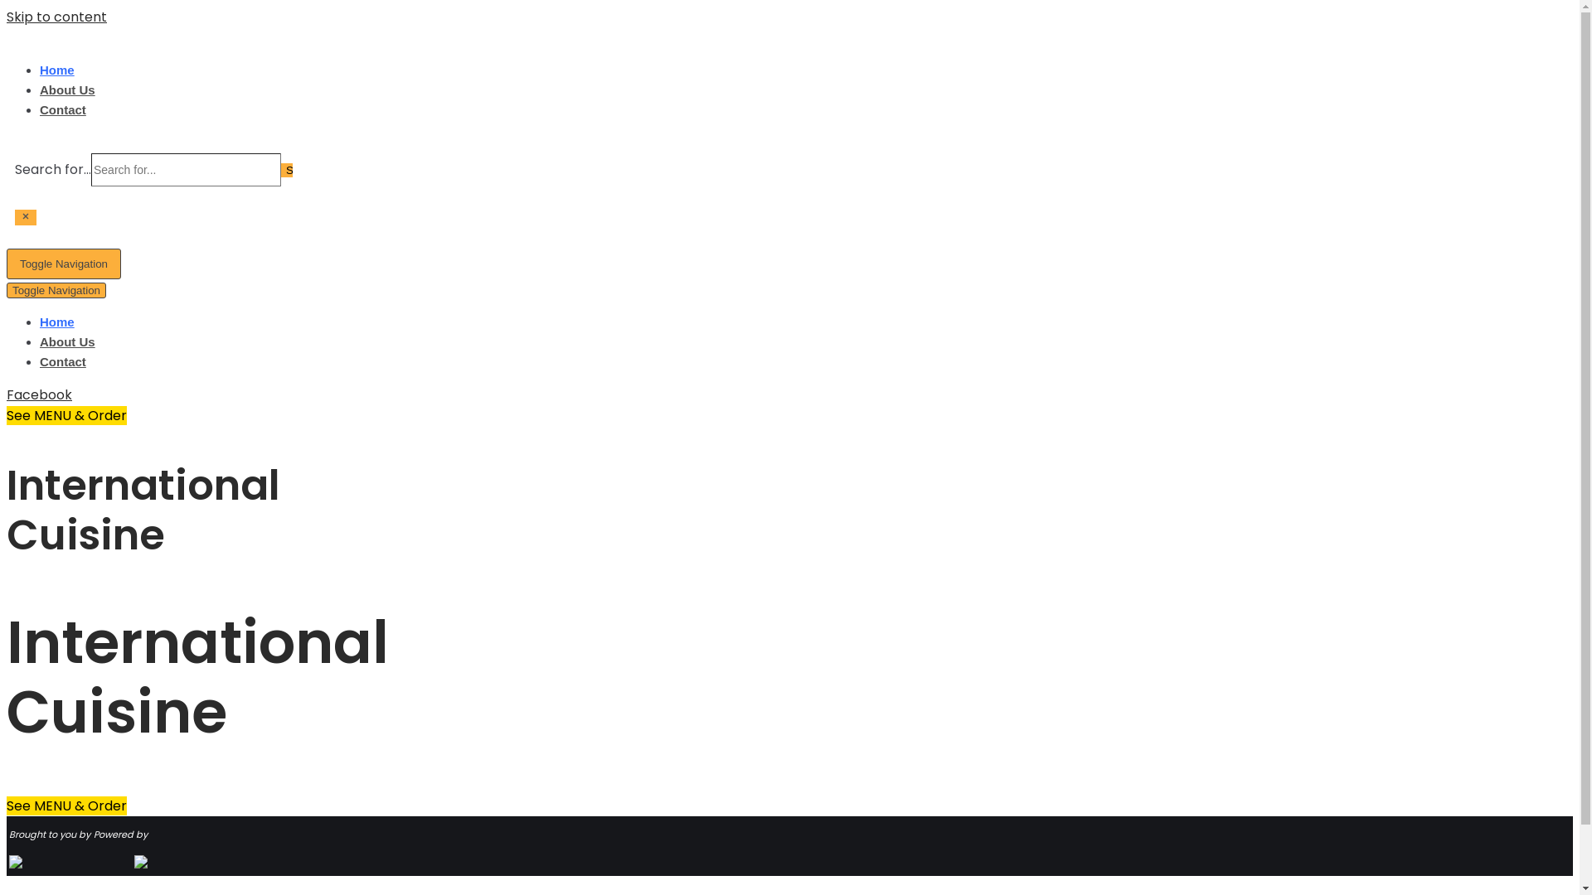 The height and width of the screenshot is (895, 1592). What do you see at coordinates (63, 263) in the screenshot?
I see `'Toggle Navigation'` at bounding box center [63, 263].